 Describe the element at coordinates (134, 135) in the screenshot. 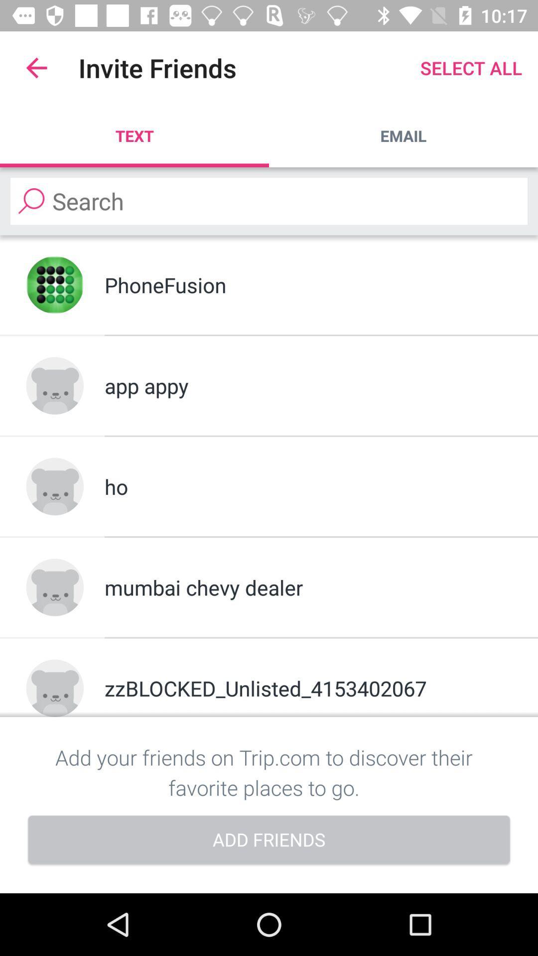

I see `app to the left of the email item` at that location.